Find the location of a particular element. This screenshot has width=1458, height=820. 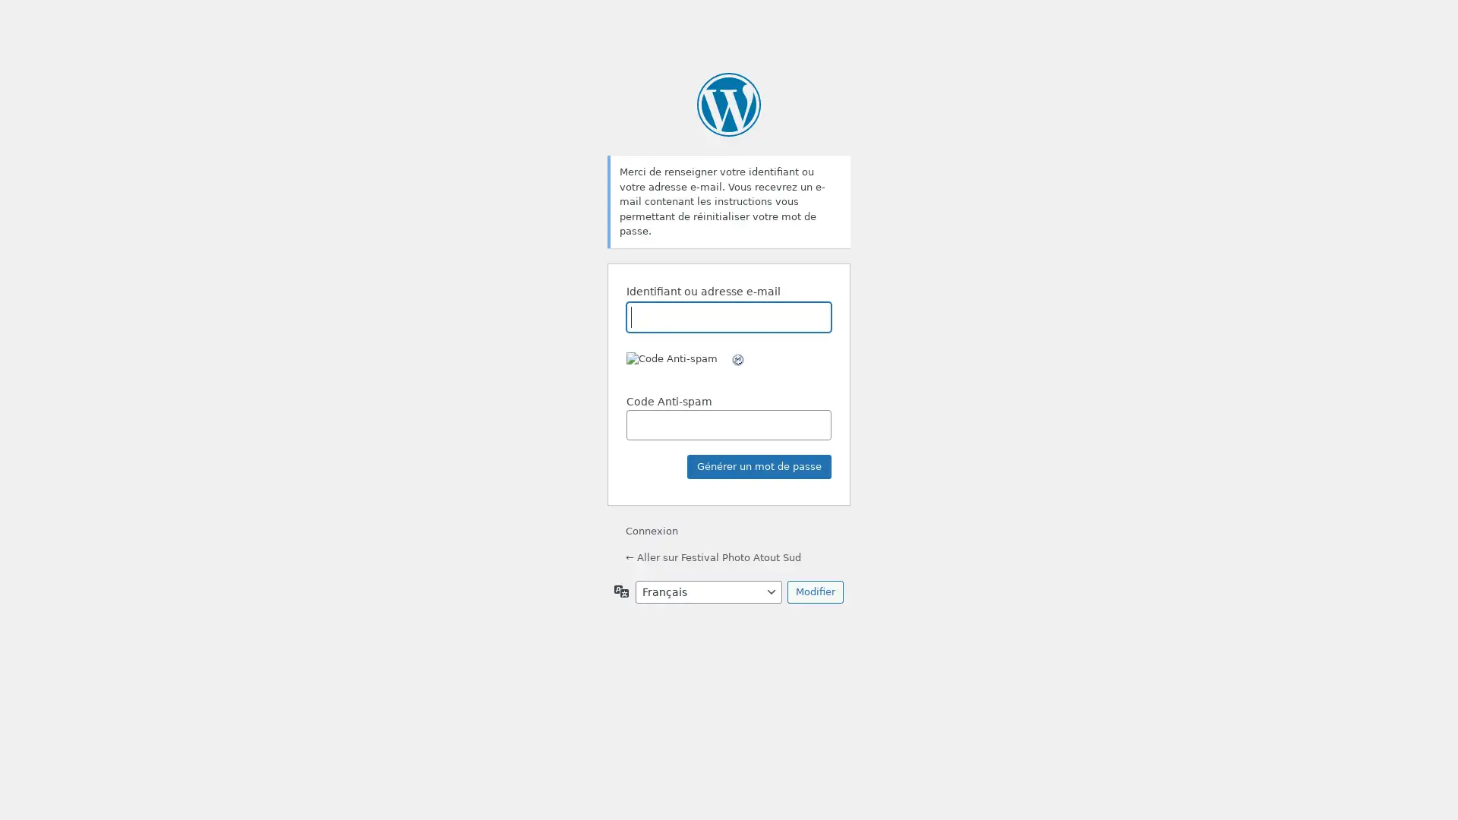

Modifier is located at coordinates (815, 591).